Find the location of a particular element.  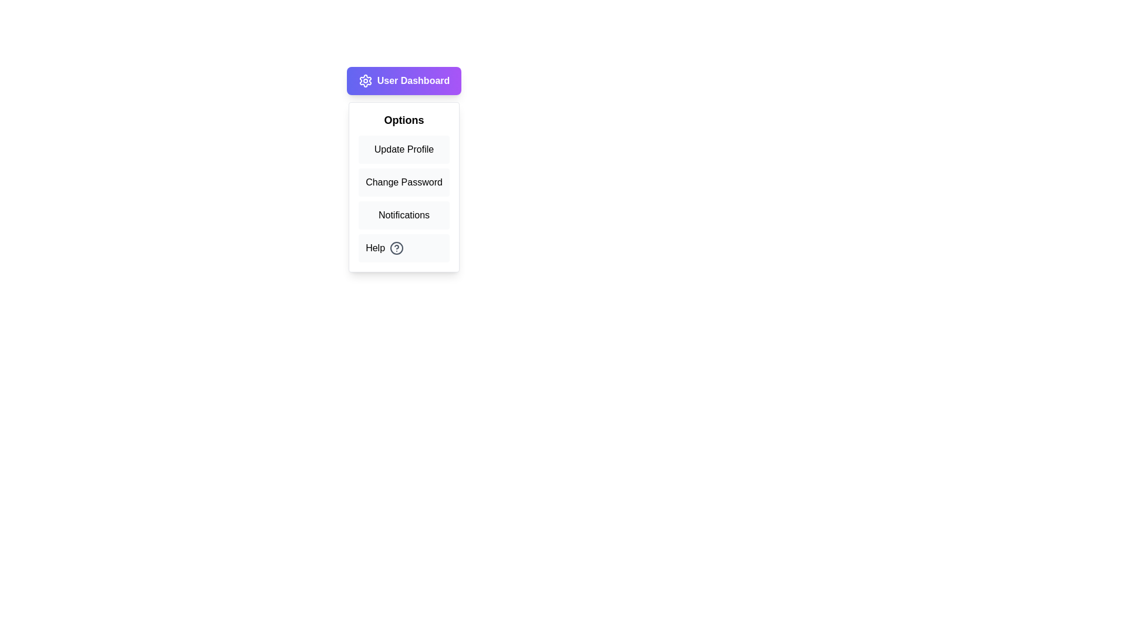

the menu item labeled 'Help' to visually highlight it is located at coordinates (404, 248).